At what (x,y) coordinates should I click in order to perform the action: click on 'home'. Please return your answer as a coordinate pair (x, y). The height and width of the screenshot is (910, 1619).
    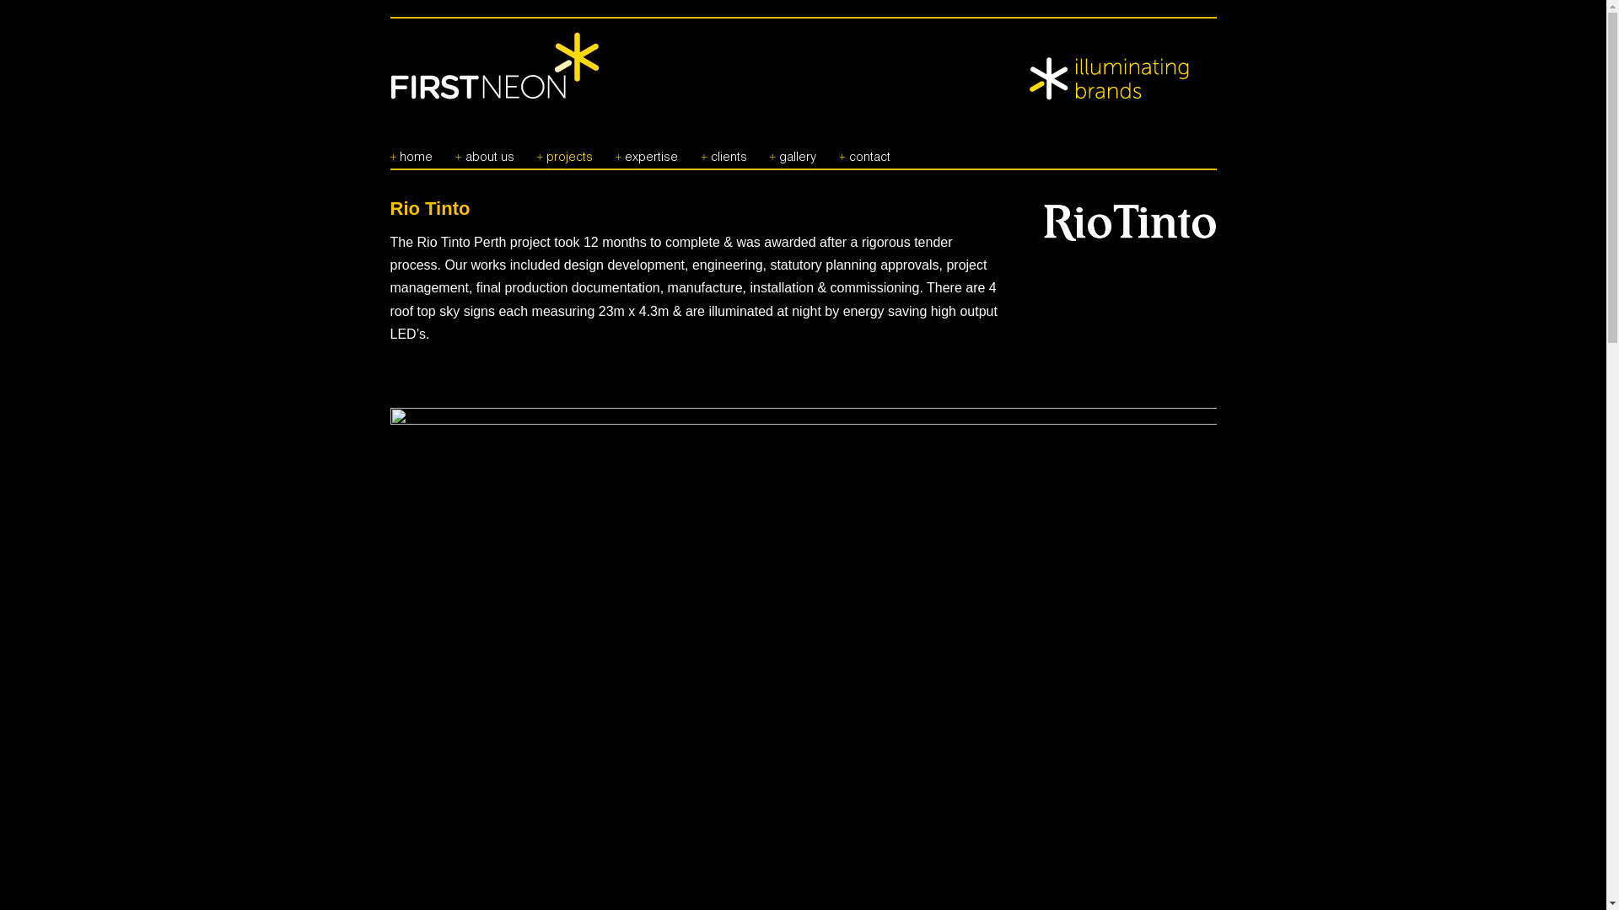
    Looking at the image, I should click on (411, 150).